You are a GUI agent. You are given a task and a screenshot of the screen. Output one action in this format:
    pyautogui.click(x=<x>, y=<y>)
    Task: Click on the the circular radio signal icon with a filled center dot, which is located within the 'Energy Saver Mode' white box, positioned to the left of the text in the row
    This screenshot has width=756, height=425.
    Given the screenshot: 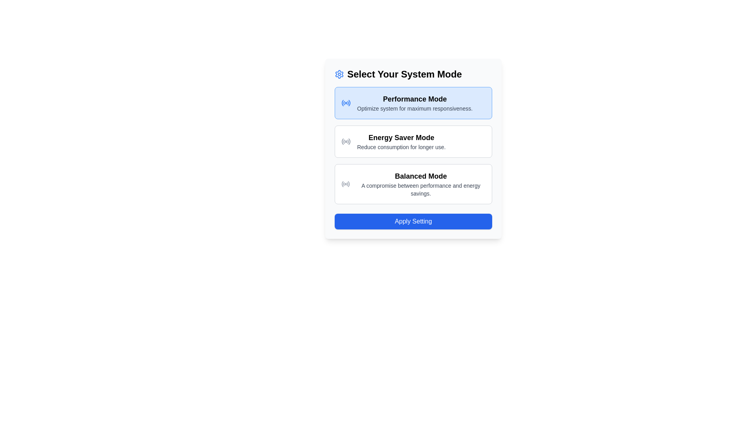 What is the action you would take?
    pyautogui.click(x=346, y=141)
    